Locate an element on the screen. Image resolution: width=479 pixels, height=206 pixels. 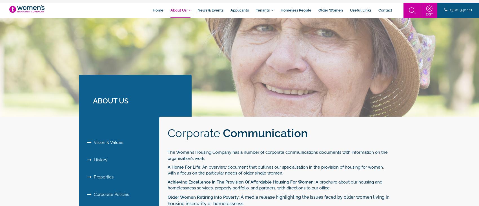
'About Us' is located at coordinates (179, 10).